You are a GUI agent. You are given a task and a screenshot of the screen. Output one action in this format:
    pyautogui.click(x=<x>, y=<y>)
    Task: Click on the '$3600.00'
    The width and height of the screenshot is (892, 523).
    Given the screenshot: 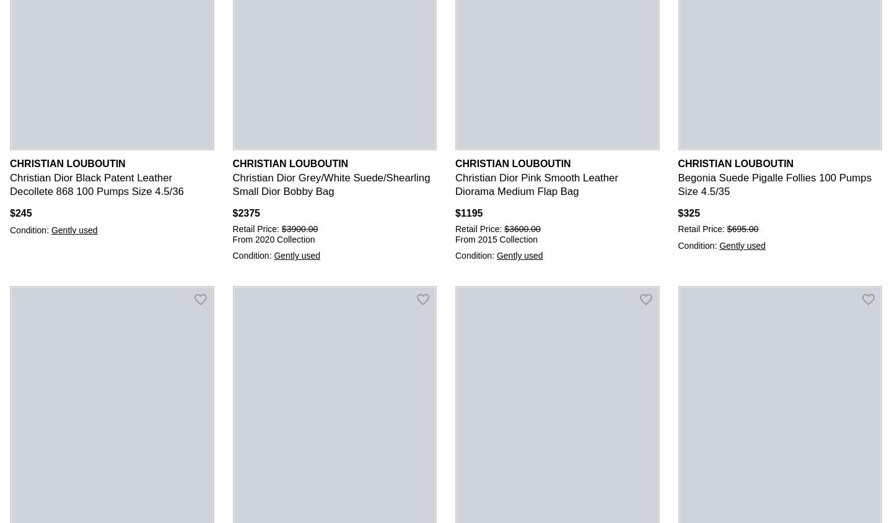 What is the action you would take?
    pyautogui.click(x=504, y=228)
    